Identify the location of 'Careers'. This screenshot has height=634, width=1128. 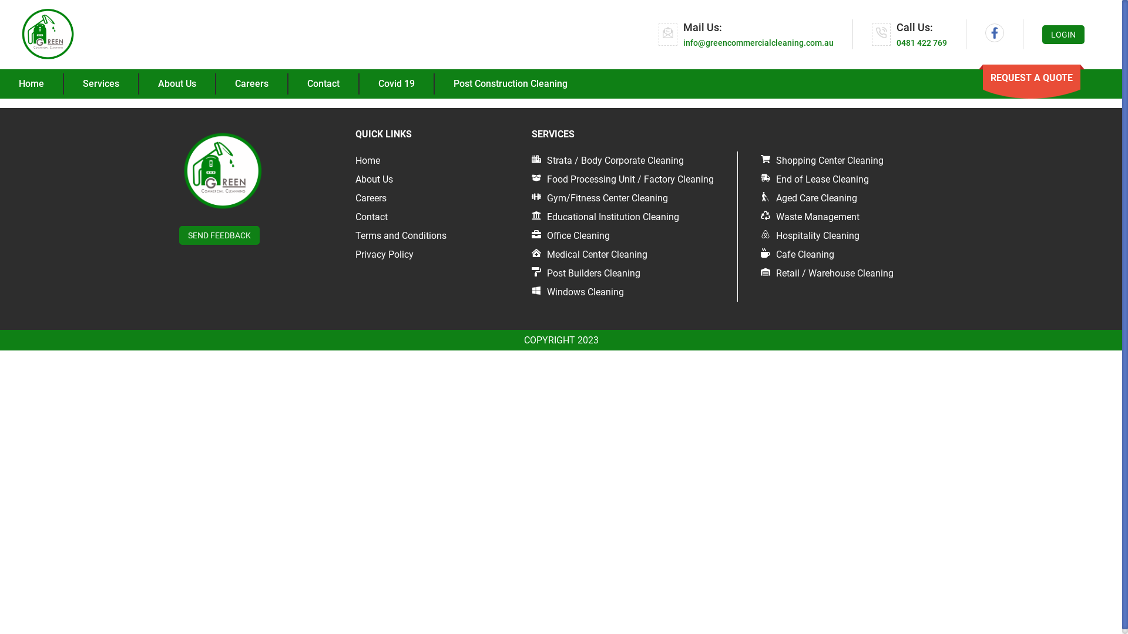
(370, 197).